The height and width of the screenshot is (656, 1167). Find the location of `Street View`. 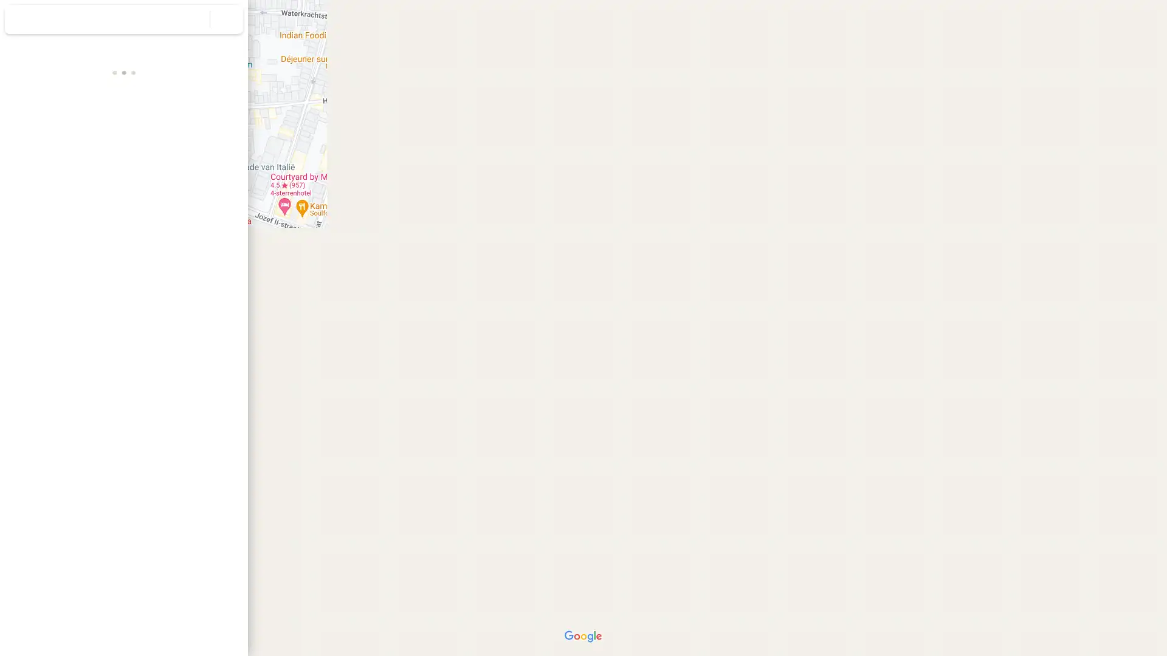

Street View is located at coordinates (124, 455).